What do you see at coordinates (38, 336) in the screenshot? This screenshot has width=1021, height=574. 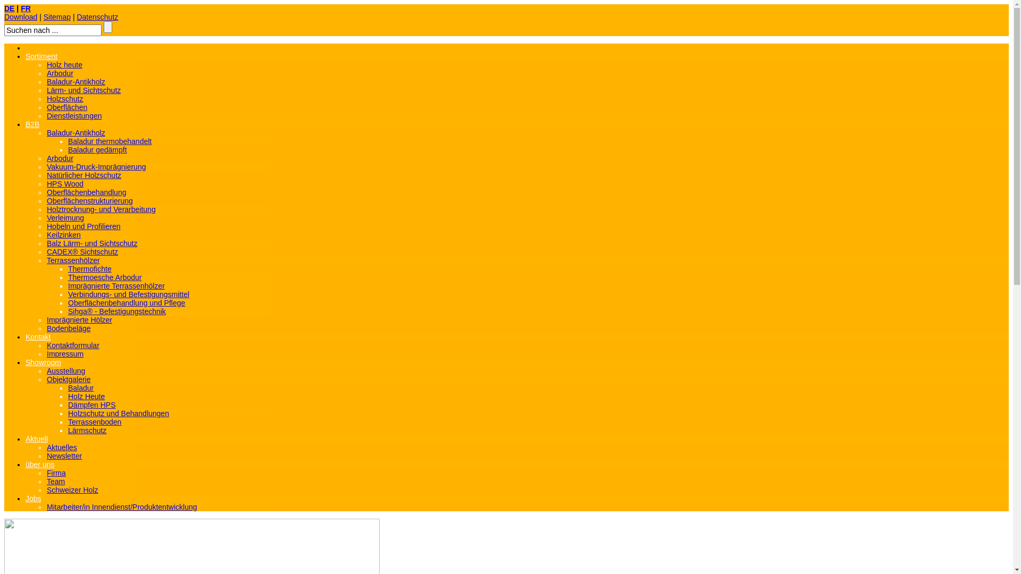 I see `'Kontakt'` at bounding box center [38, 336].